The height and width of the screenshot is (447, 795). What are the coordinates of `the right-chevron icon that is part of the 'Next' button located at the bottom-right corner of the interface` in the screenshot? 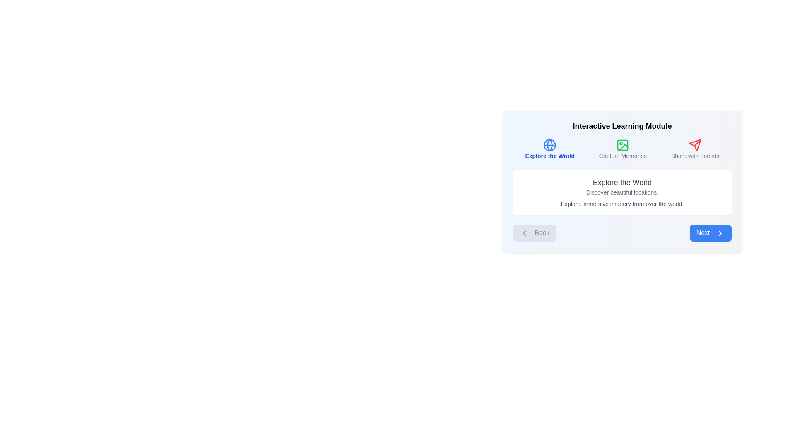 It's located at (719, 233).